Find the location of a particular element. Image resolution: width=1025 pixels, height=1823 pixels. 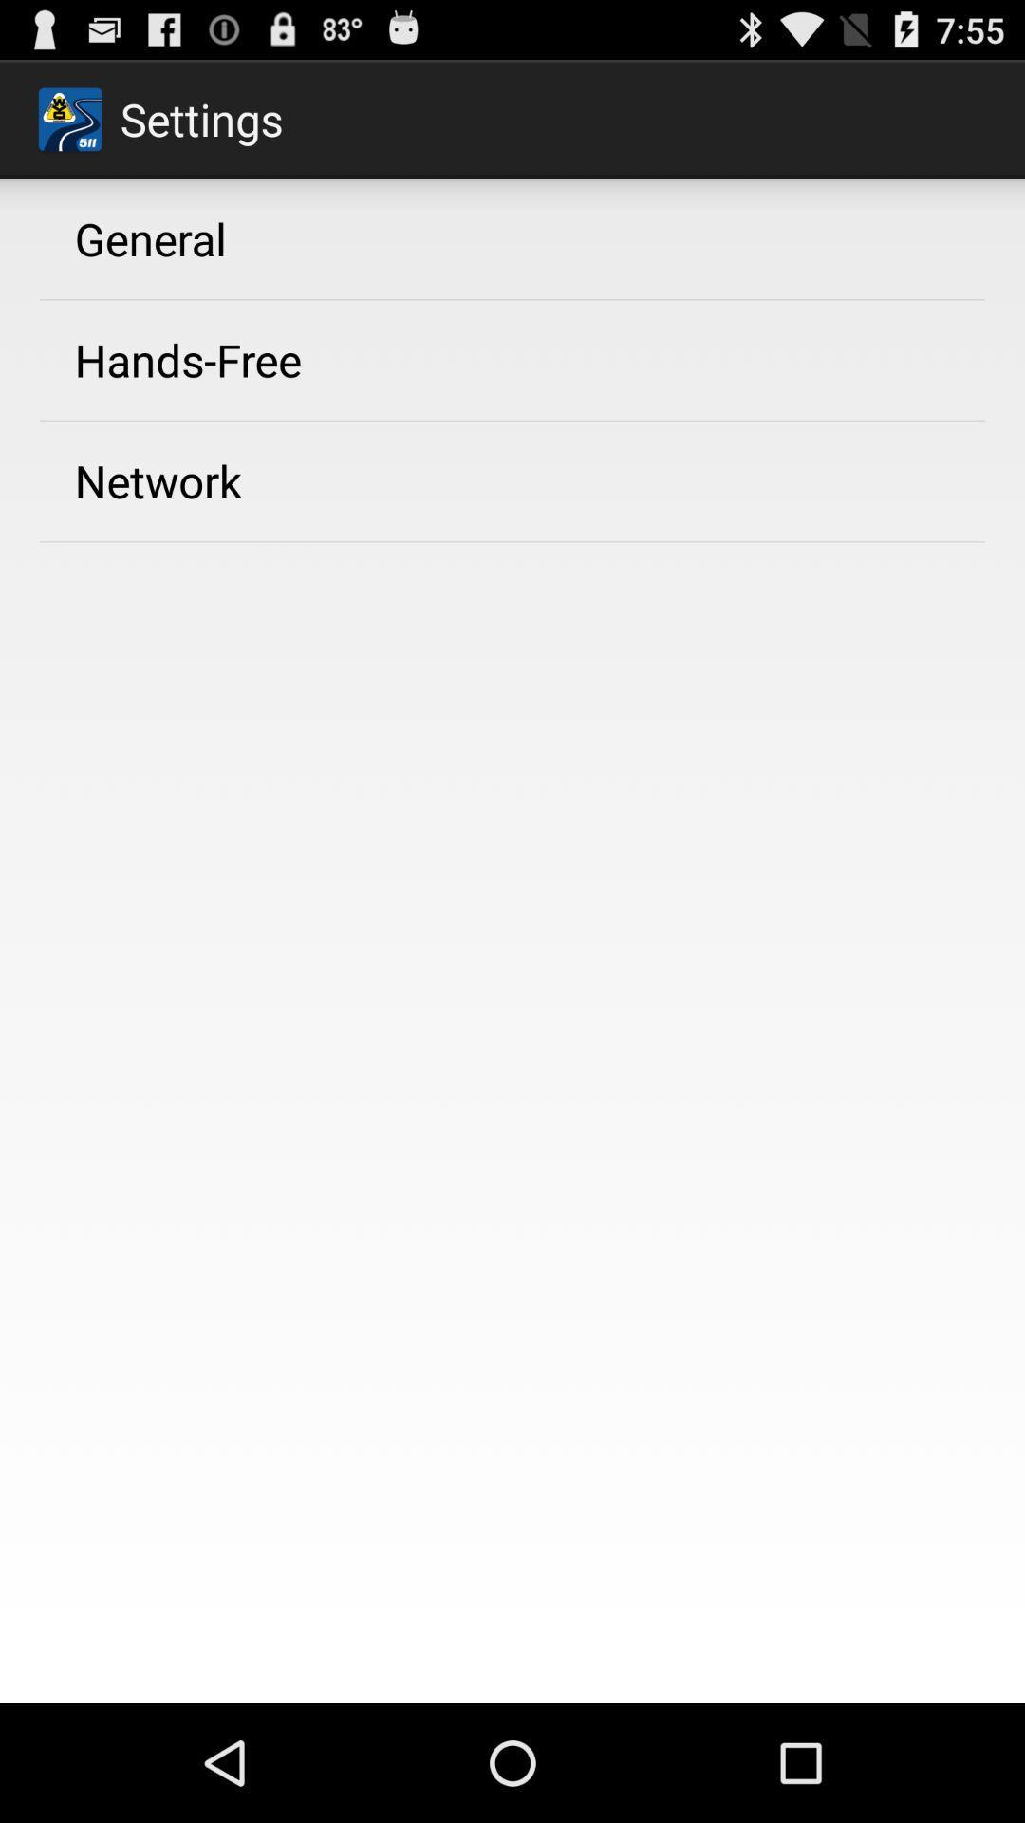

the item above network icon is located at coordinates (188, 360).